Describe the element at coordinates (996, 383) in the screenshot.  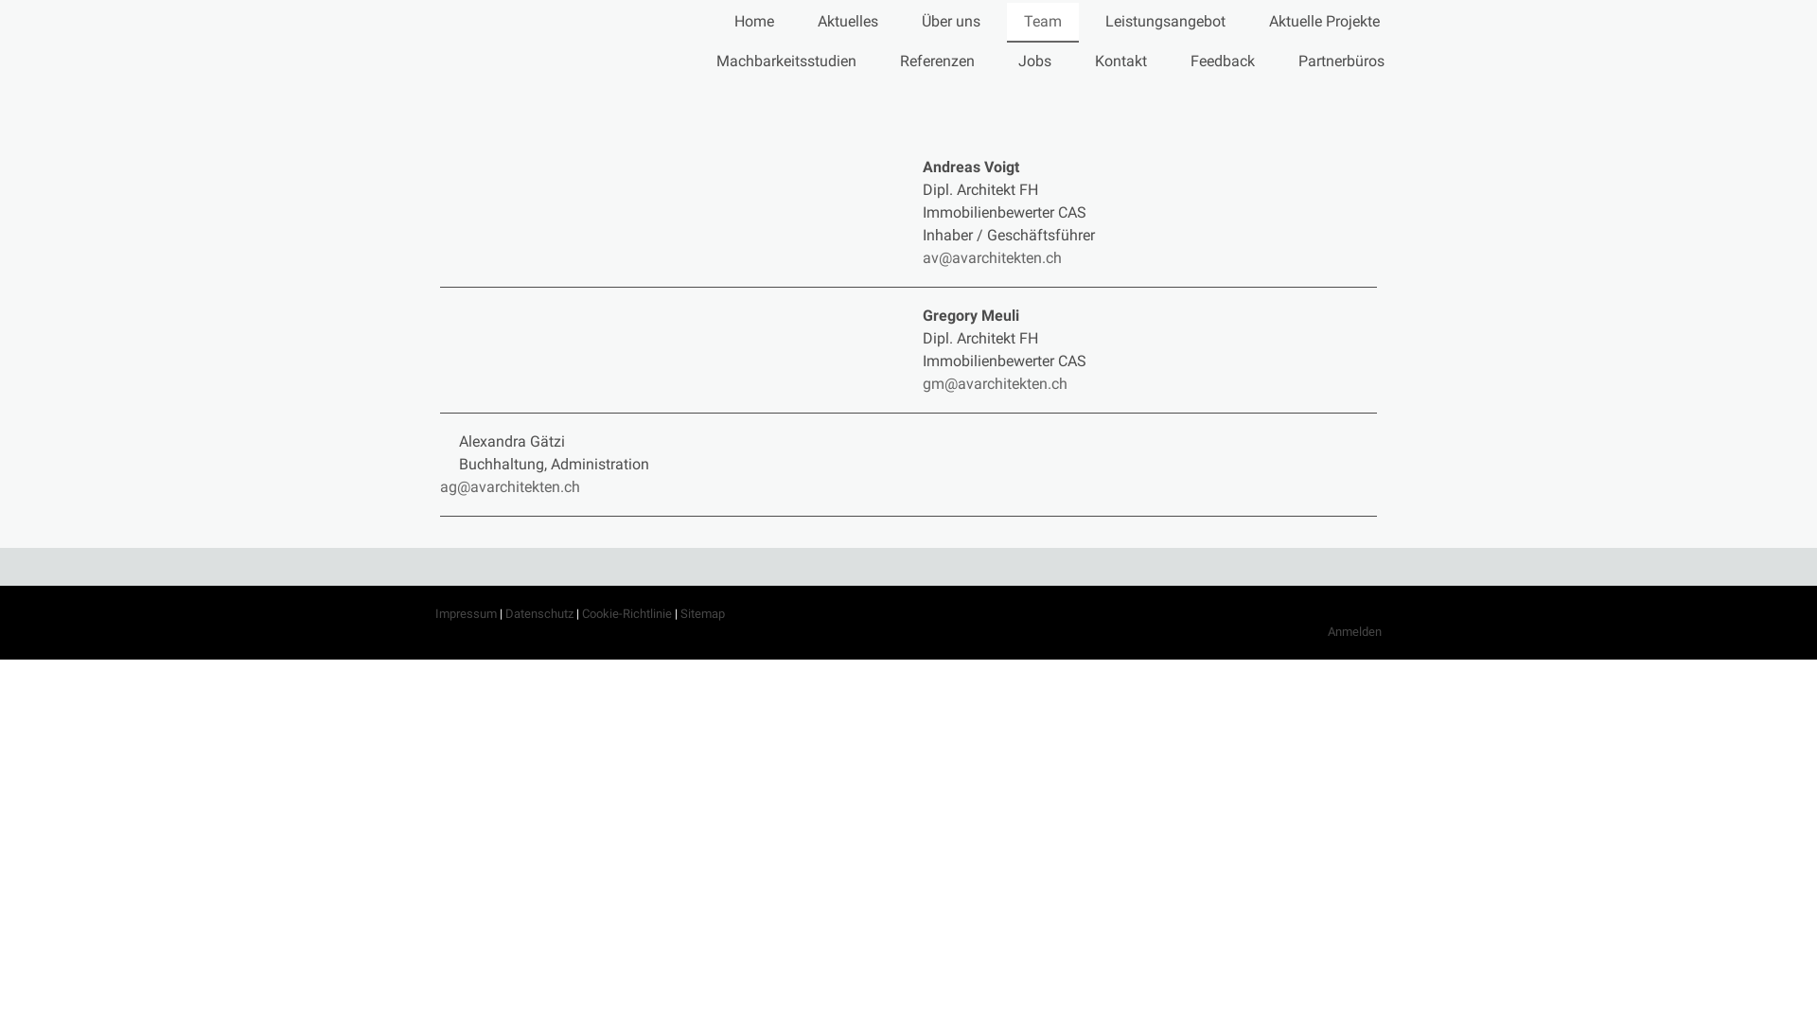
I see `'gm@avarchitekten.ch '` at that location.